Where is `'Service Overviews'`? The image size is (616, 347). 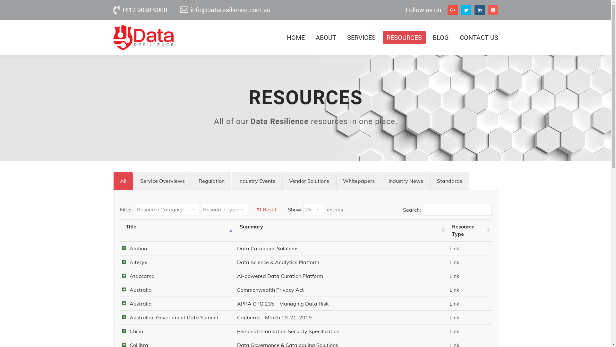
'Service Overviews' is located at coordinates (162, 181).